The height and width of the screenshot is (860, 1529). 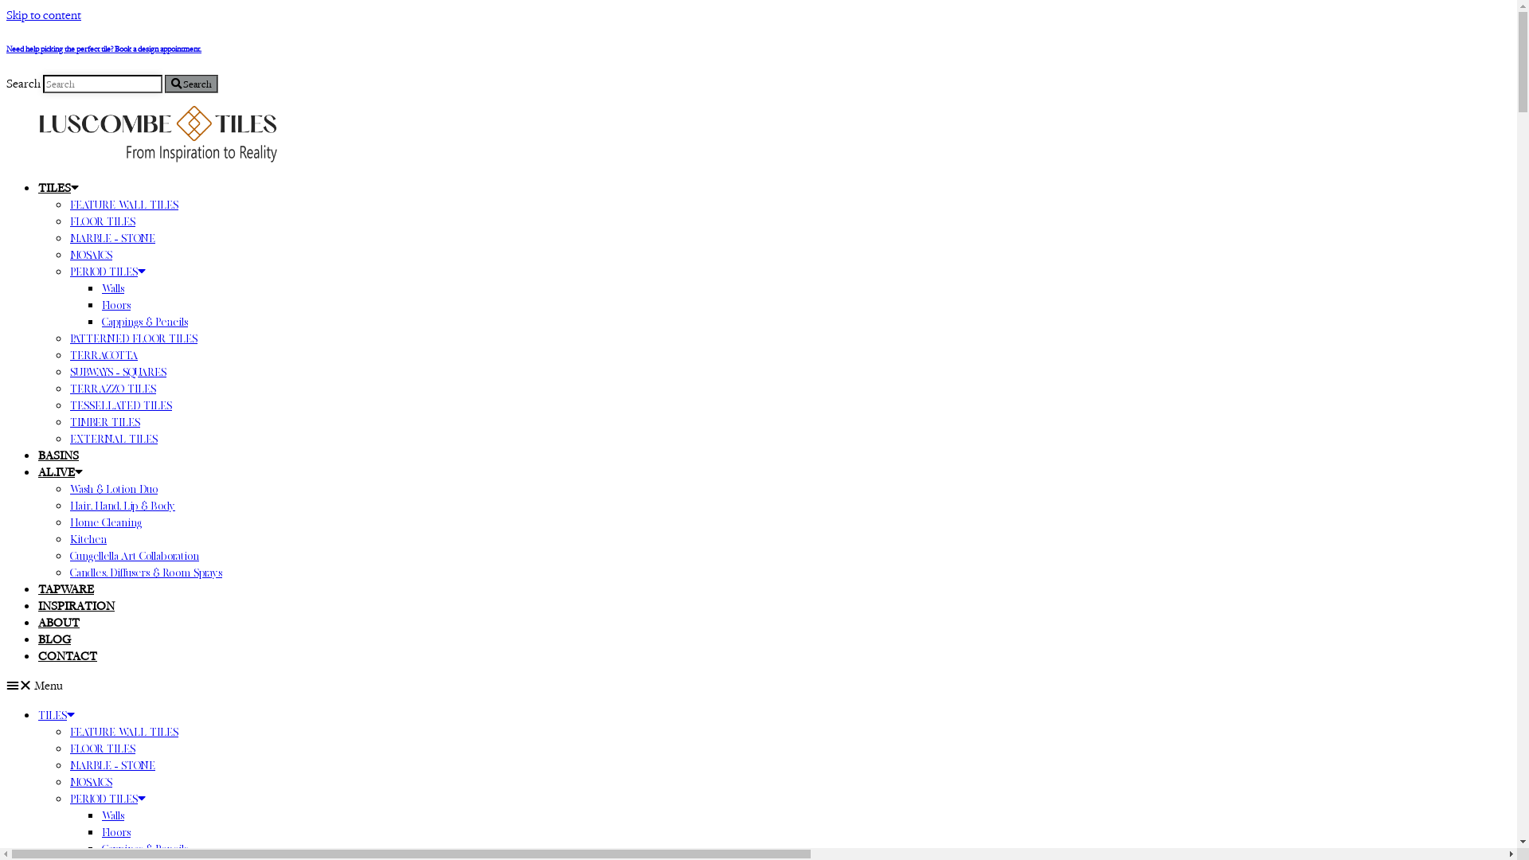 What do you see at coordinates (107, 798) in the screenshot?
I see `'PERIOD TILES'` at bounding box center [107, 798].